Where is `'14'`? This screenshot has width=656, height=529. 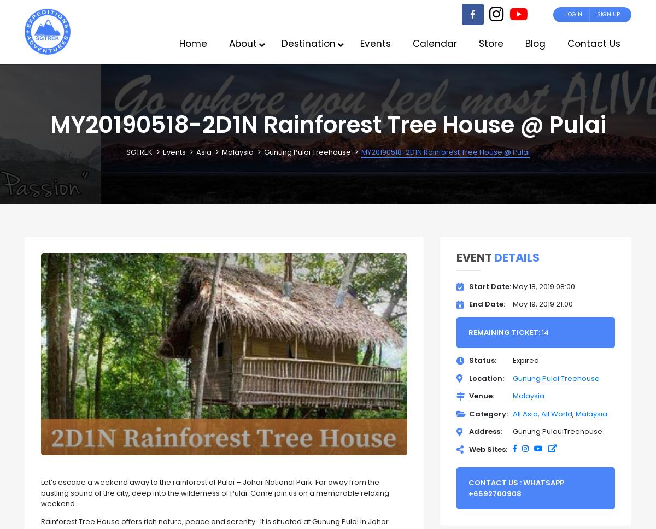
'14' is located at coordinates (545, 331).